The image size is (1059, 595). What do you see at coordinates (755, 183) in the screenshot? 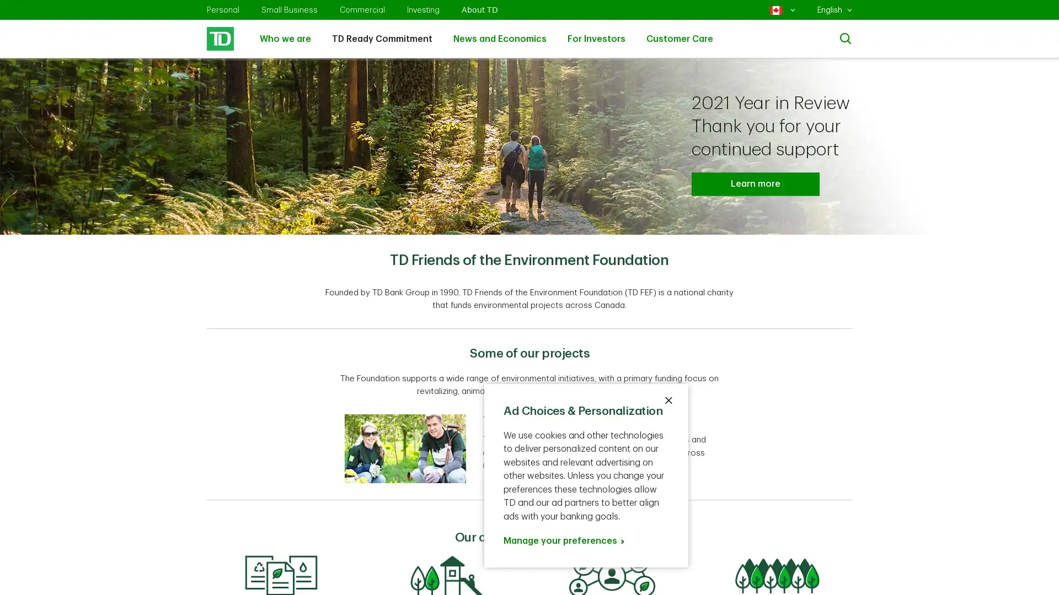
I see `Learn more` at bounding box center [755, 183].